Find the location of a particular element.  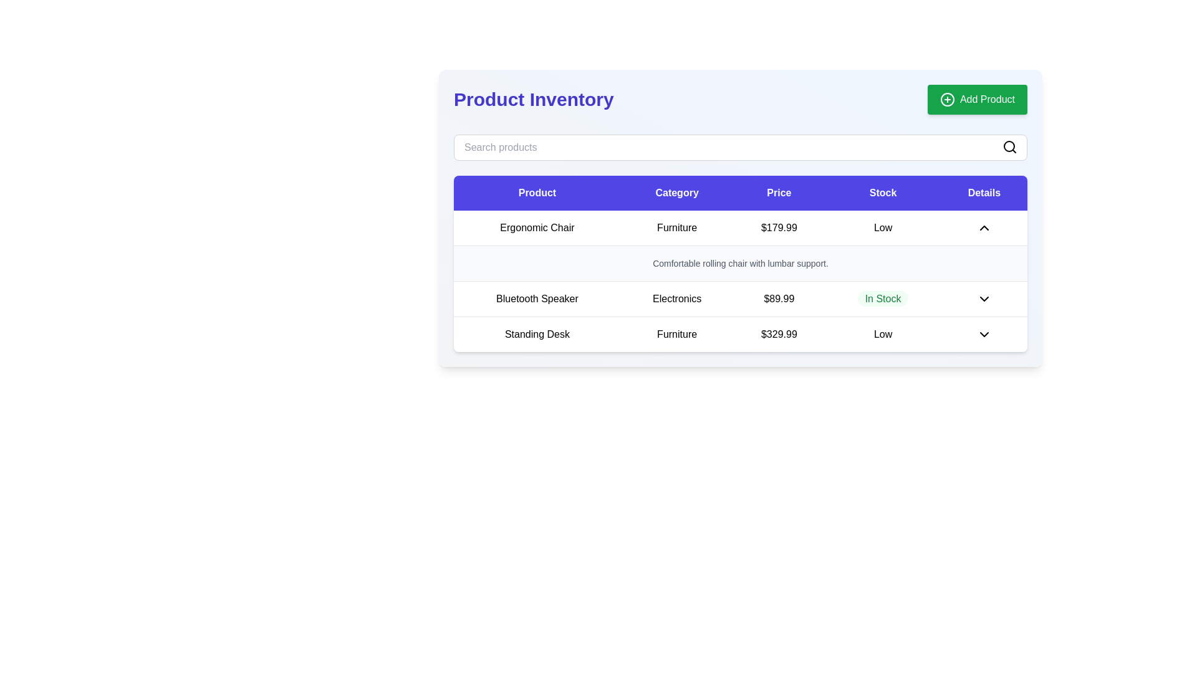

the downward-facing arrow icon button at the far right end of the 'Standing Desk' table row is located at coordinates (983, 333).